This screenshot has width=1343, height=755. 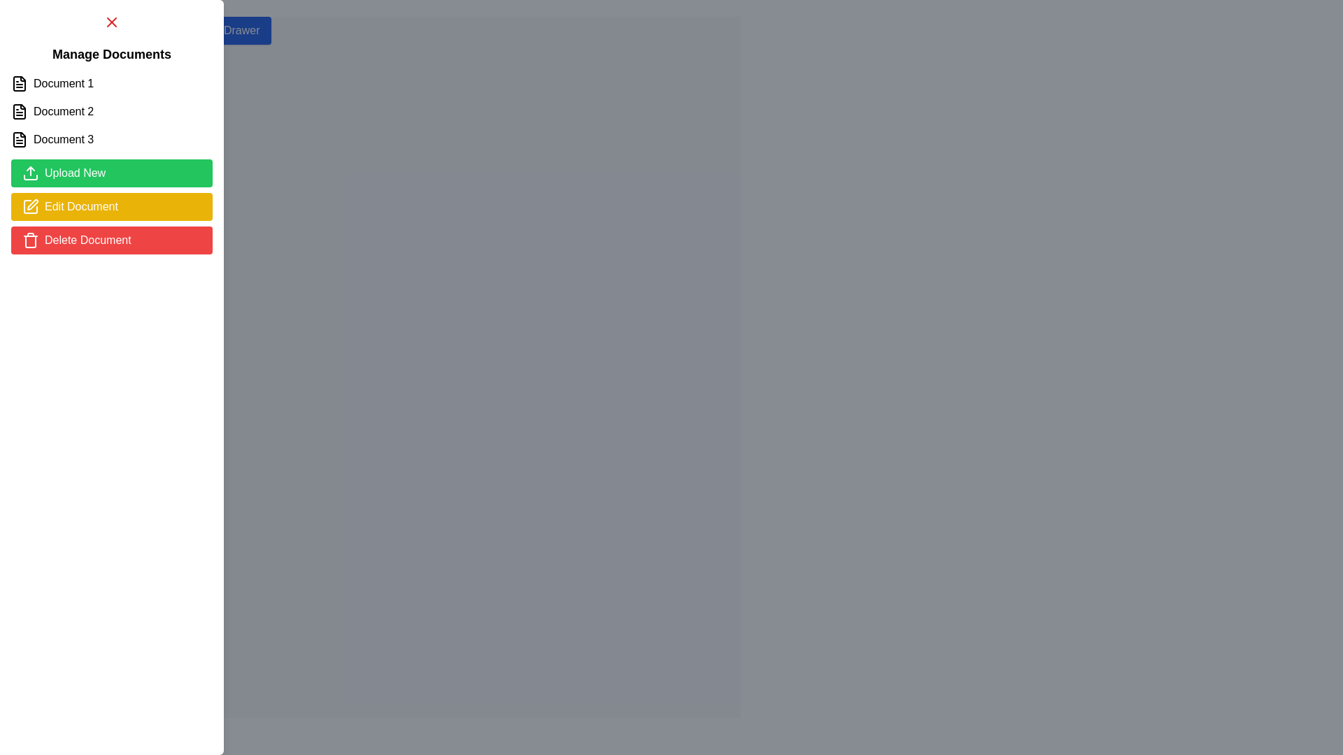 What do you see at coordinates (111, 207) in the screenshot?
I see `the 'Edit Document' button located in the 'Manage Documents' section, positioned between the green 'Upload New' button and the red 'Delete Document' button` at bounding box center [111, 207].